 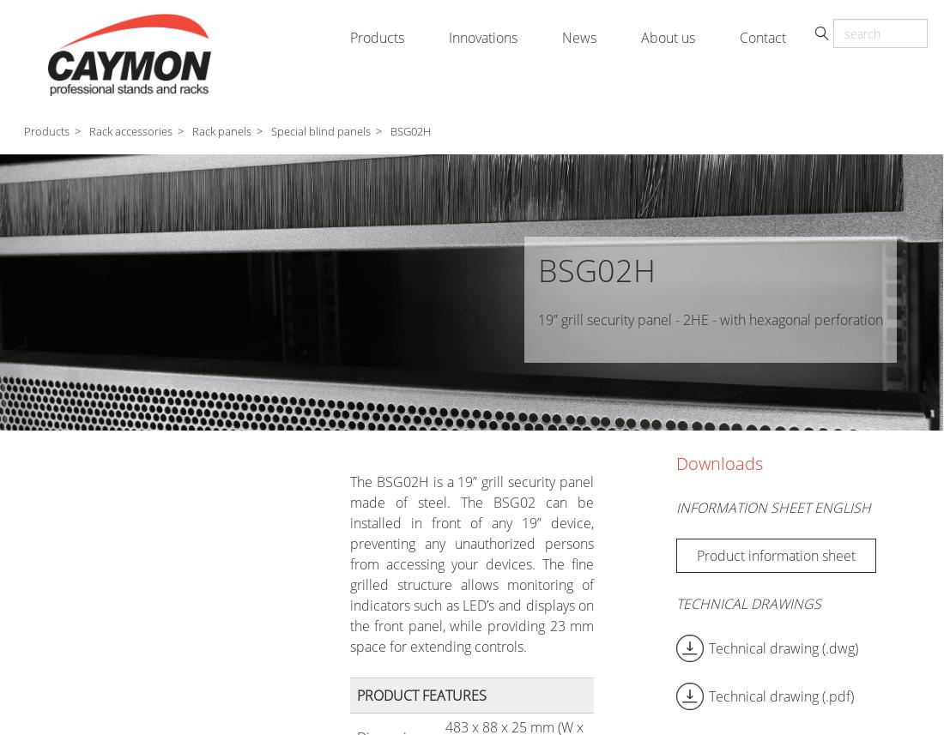 I want to click on 'News', so click(x=578, y=36).